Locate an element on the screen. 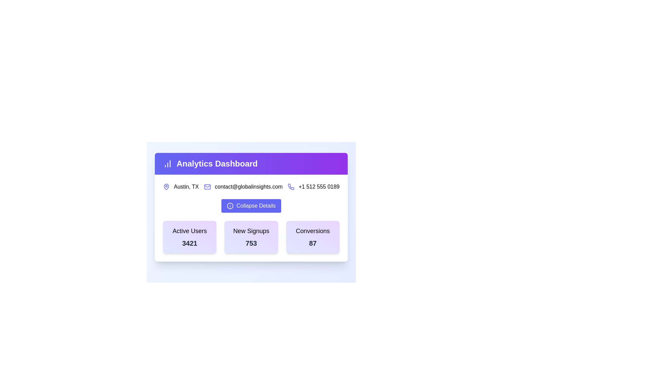  the text-based heading element that serves as the title for the Analytics Dashboard page, positioned horizontally centered at the top header section, to the right of a small column chart icon is located at coordinates (251, 164).